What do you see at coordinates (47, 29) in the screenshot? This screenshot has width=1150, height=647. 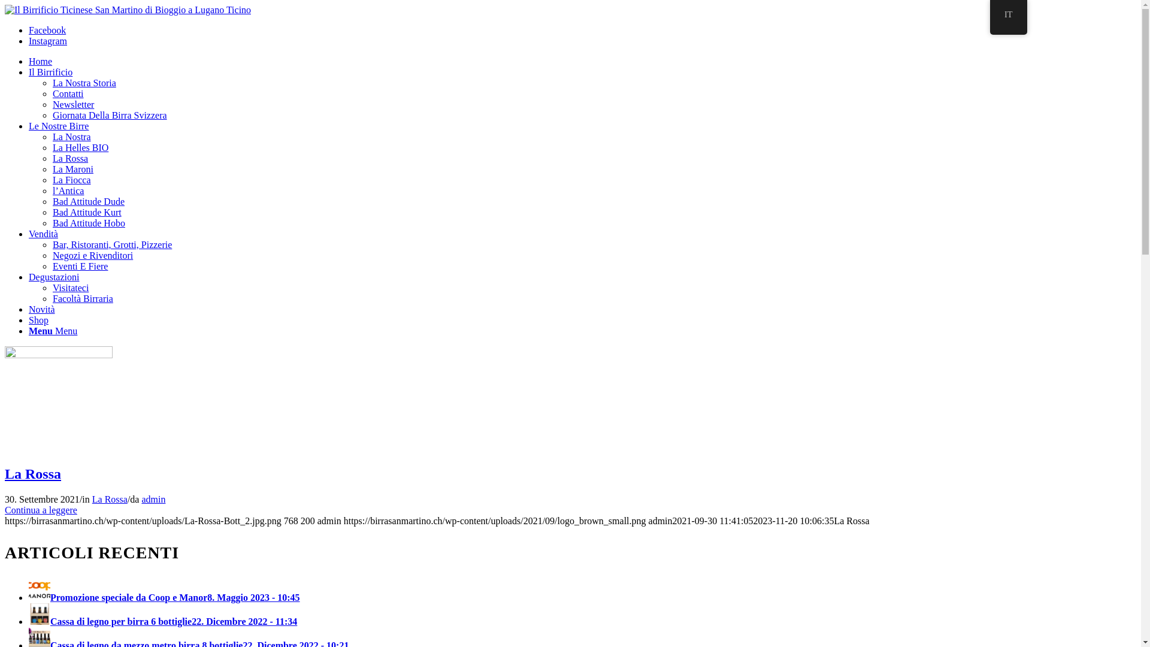 I see `'Facebook'` at bounding box center [47, 29].